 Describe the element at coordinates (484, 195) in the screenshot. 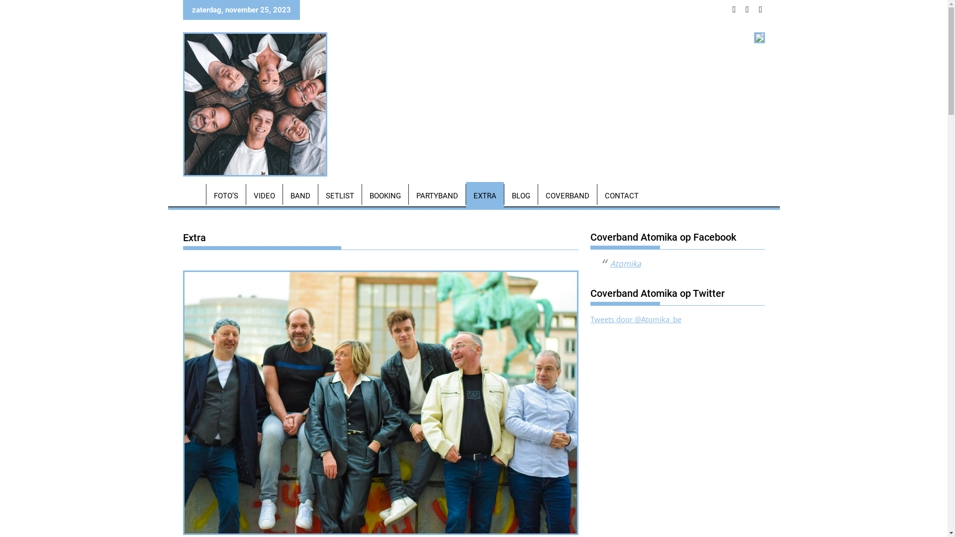

I see `'EXTRA'` at that location.